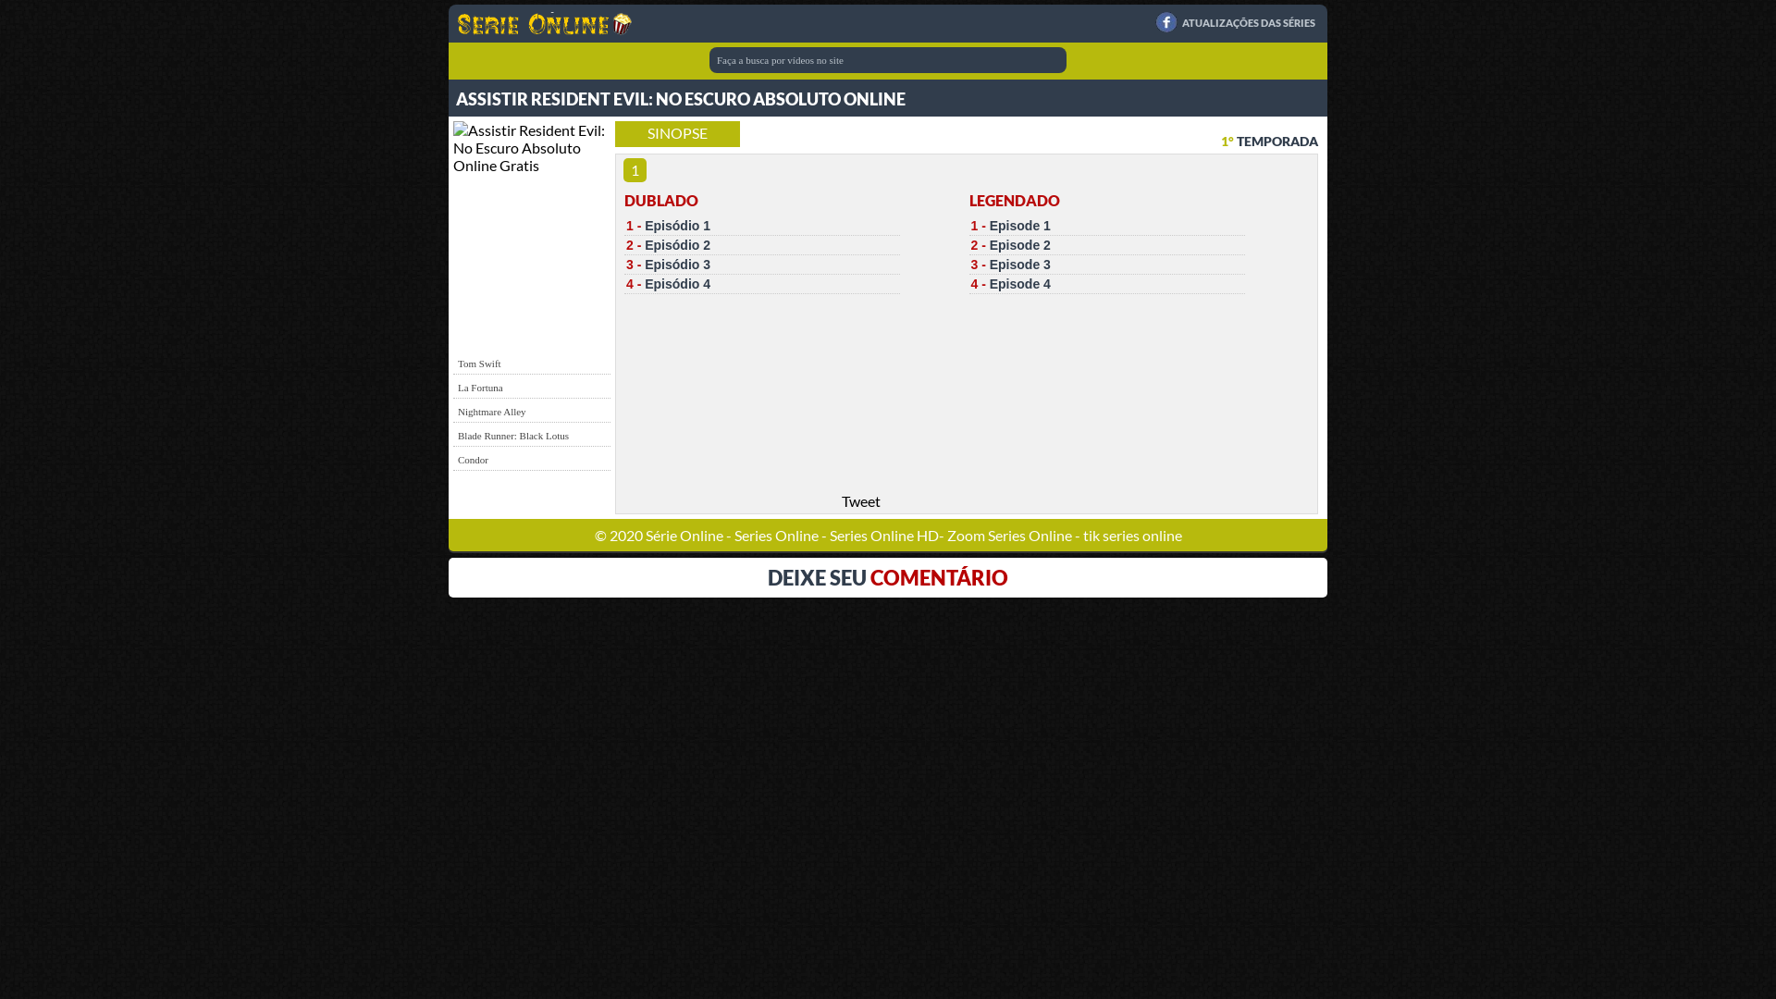  Describe the element at coordinates (513, 435) in the screenshot. I see `'Blade Runner: Black Lotus'` at that location.